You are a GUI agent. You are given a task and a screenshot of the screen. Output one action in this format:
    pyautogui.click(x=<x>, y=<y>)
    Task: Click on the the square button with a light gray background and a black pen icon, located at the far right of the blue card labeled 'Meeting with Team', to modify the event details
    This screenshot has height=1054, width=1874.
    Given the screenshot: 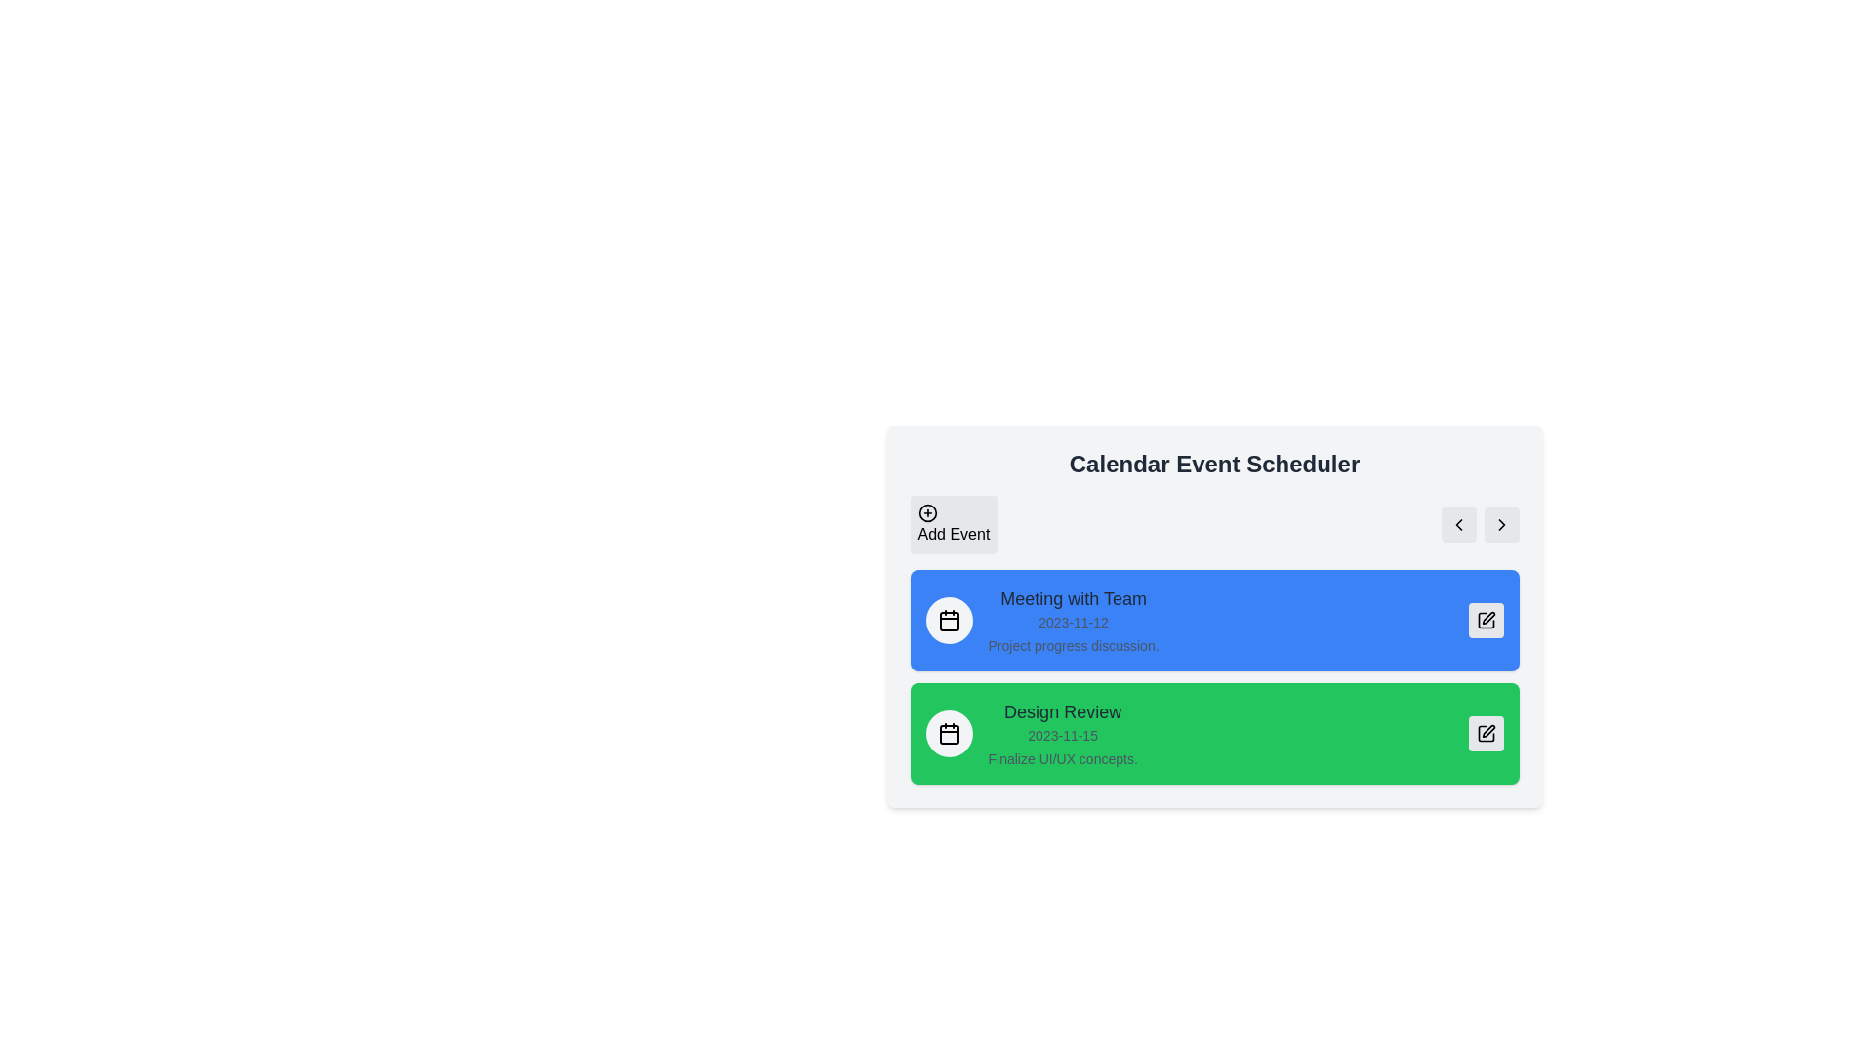 What is the action you would take?
    pyautogui.click(x=1485, y=621)
    